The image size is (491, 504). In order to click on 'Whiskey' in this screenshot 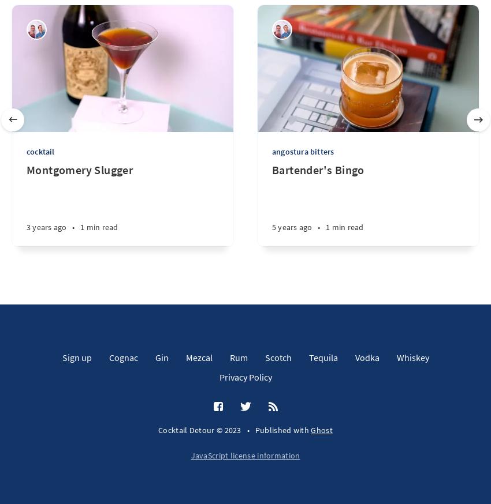, I will do `click(412, 356)`.